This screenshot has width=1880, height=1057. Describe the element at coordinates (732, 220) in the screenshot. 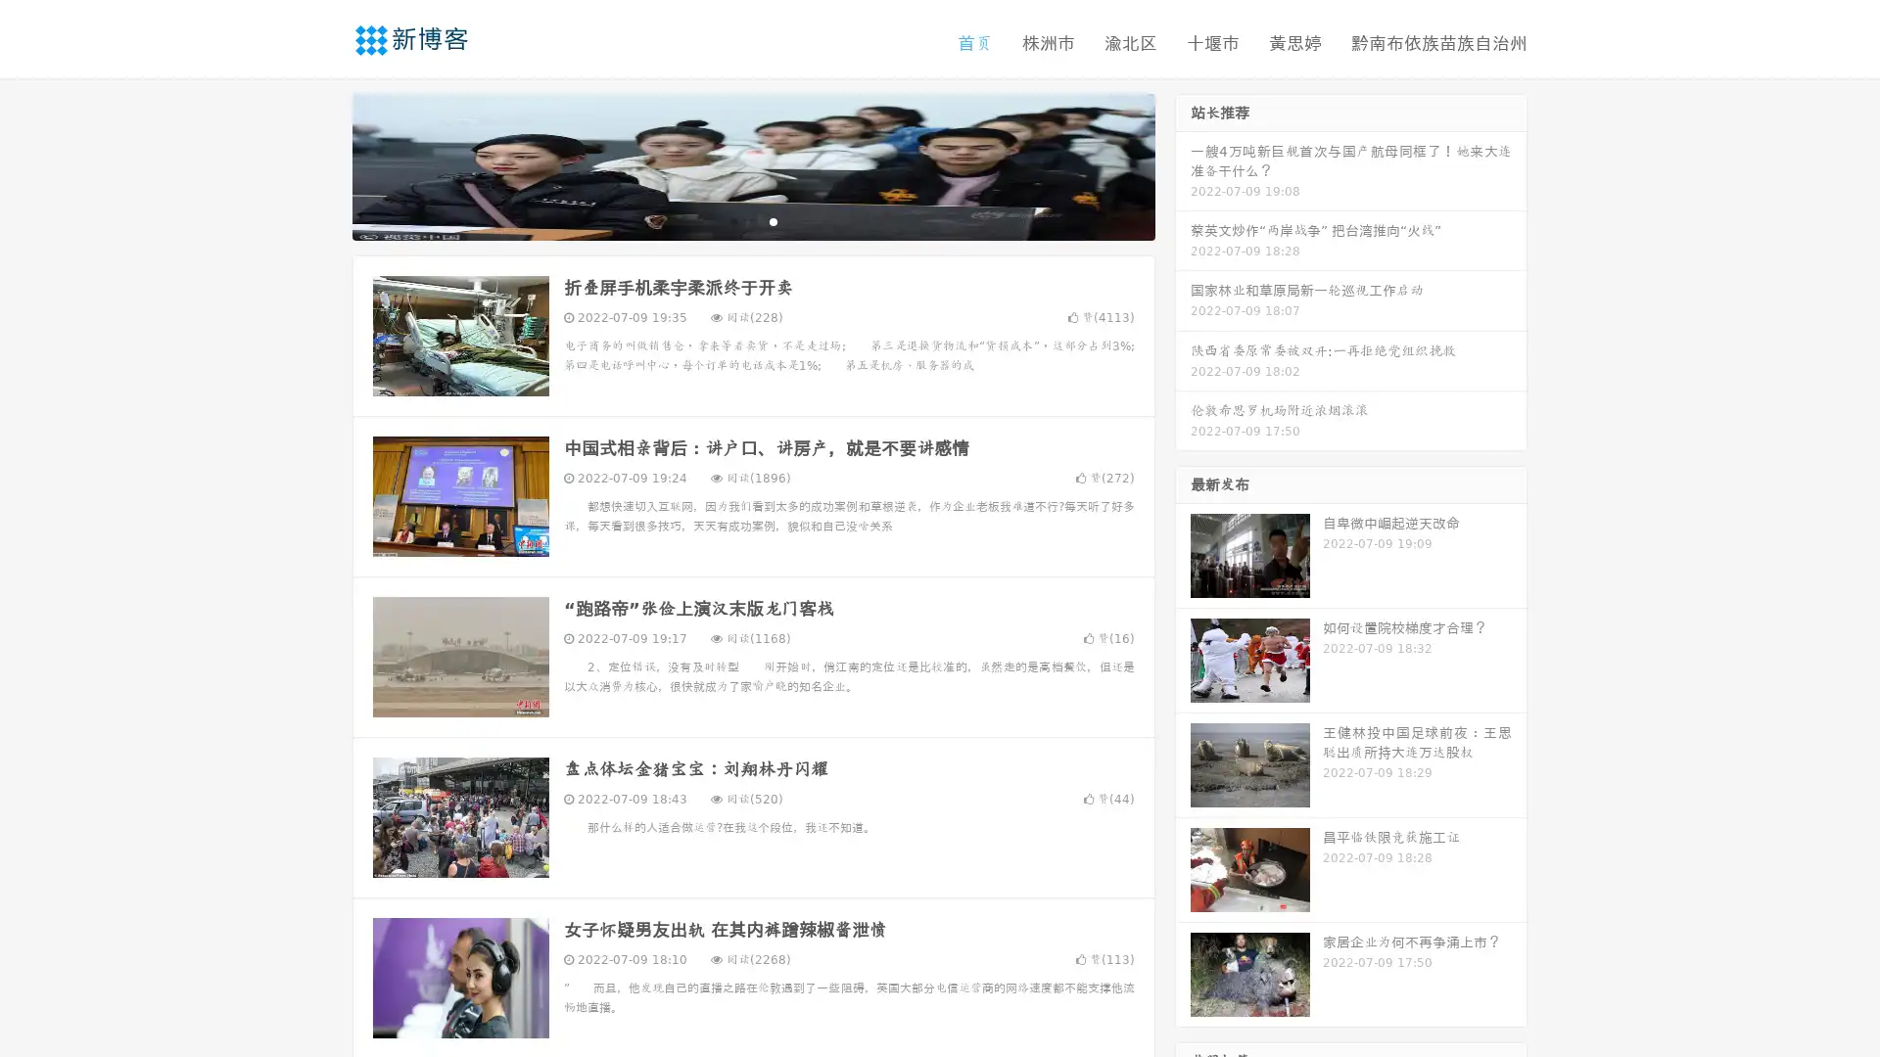

I see `Go to slide 1` at that location.